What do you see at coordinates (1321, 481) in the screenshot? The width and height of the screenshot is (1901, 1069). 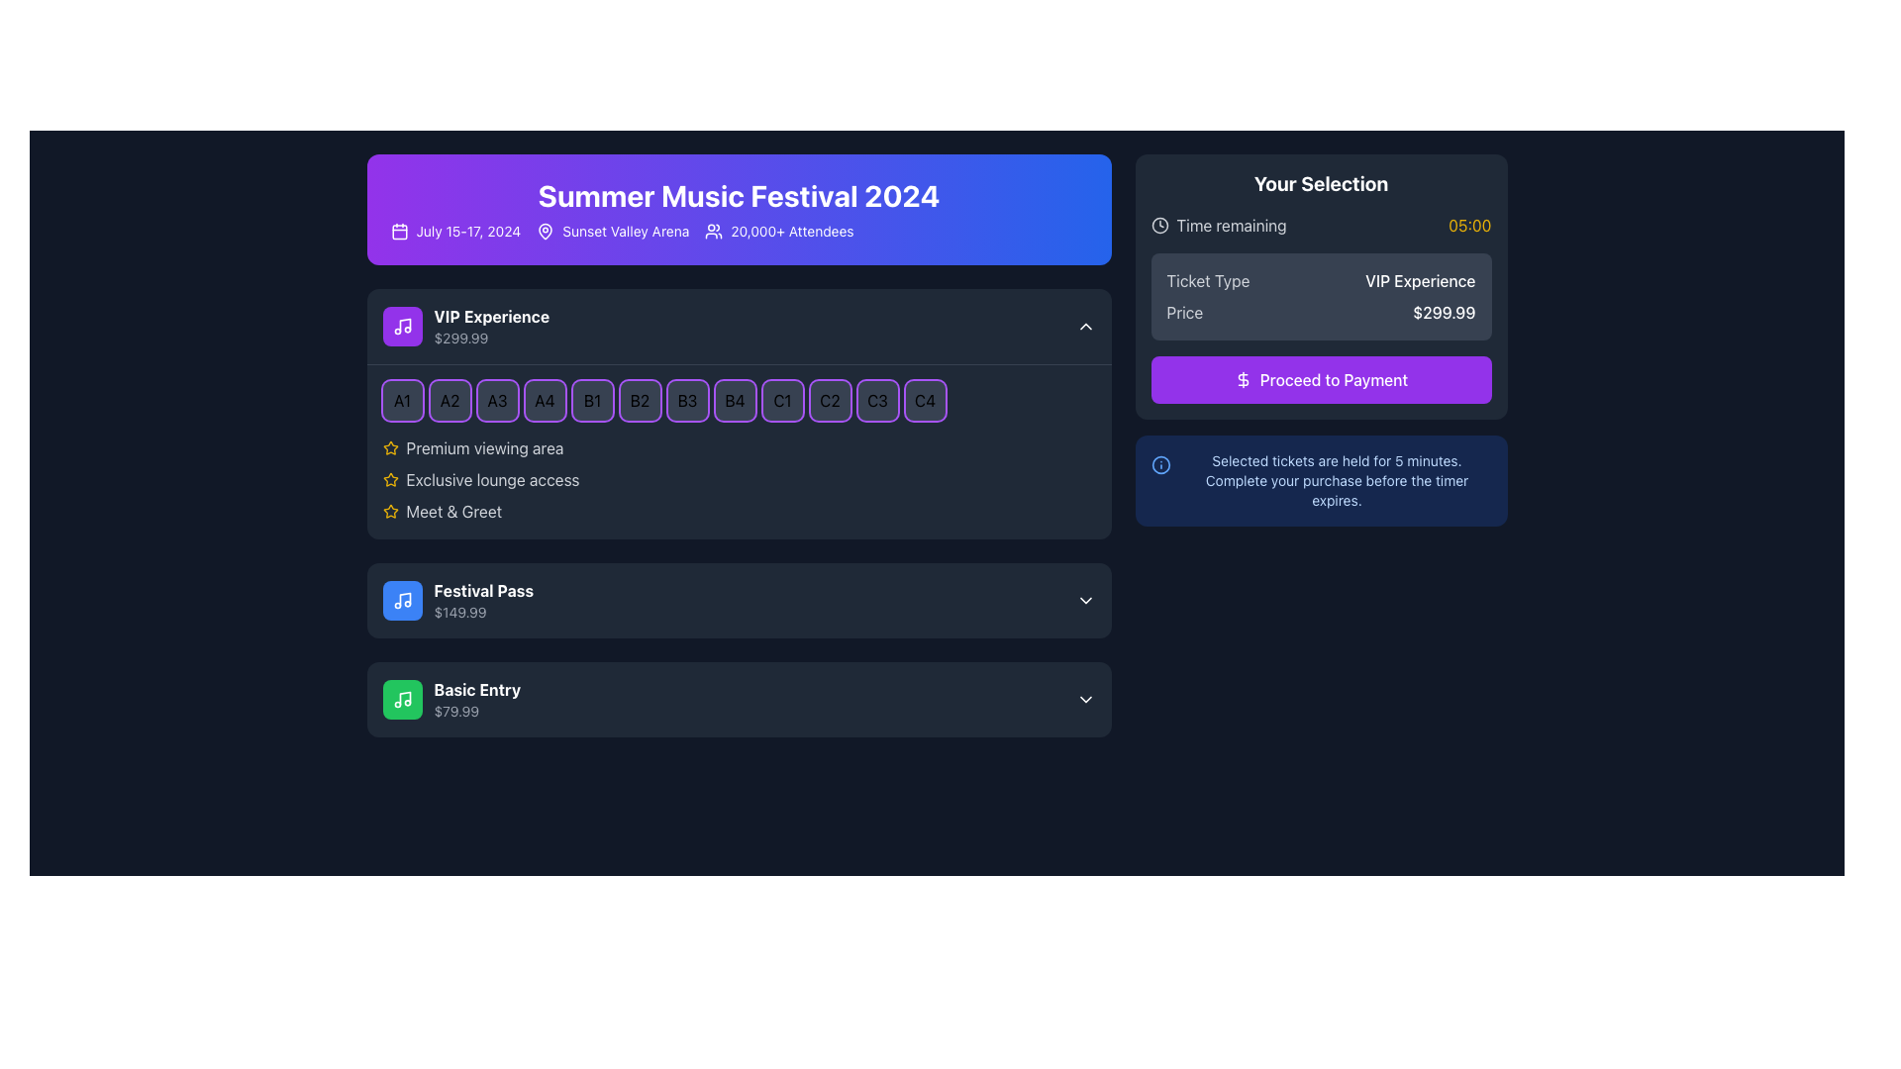 I see `informational section that contains the text 'Selected tickets are held for 5 minutes. Complete your purchase before the timer expires.' located in the bottom right pane near the 'Proceed to Payment' button` at bounding box center [1321, 481].